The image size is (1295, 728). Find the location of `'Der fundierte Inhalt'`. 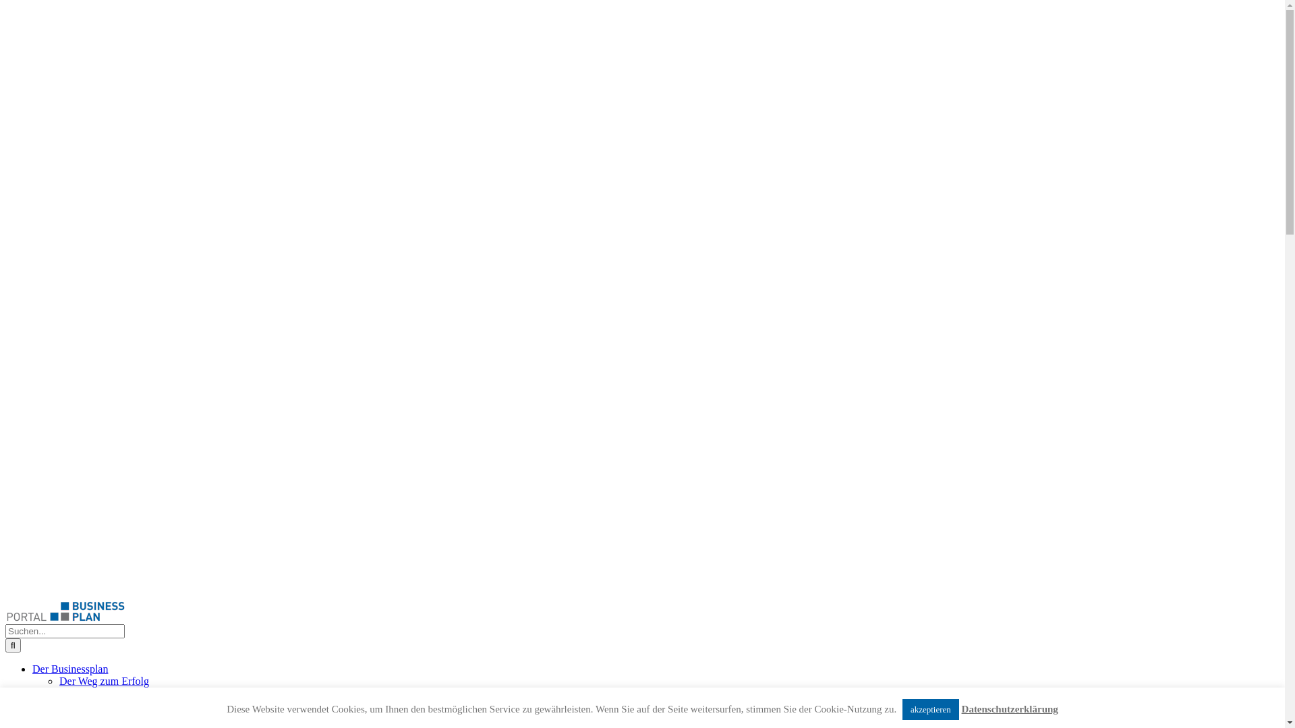

'Der fundierte Inhalt' is located at coordinates (101, 693).